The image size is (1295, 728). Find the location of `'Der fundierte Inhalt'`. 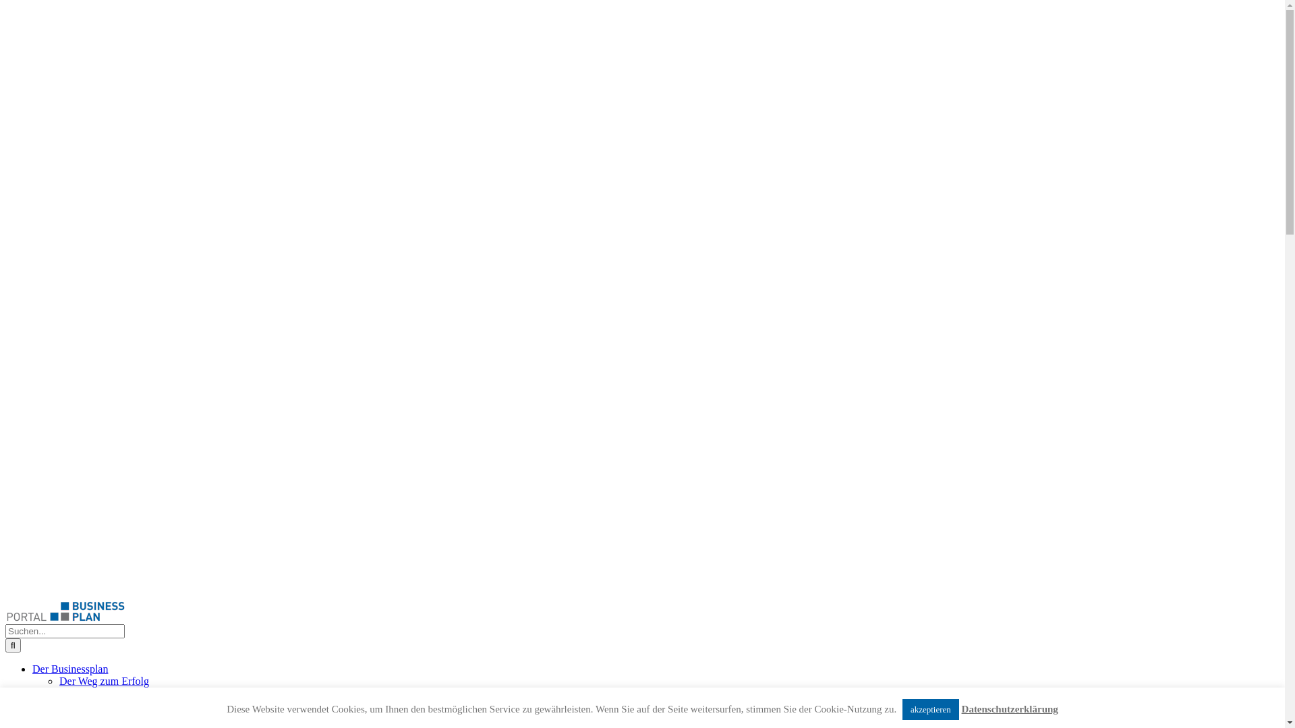

'Der fundierte Inhalt' is located at coordinates (101, 693).